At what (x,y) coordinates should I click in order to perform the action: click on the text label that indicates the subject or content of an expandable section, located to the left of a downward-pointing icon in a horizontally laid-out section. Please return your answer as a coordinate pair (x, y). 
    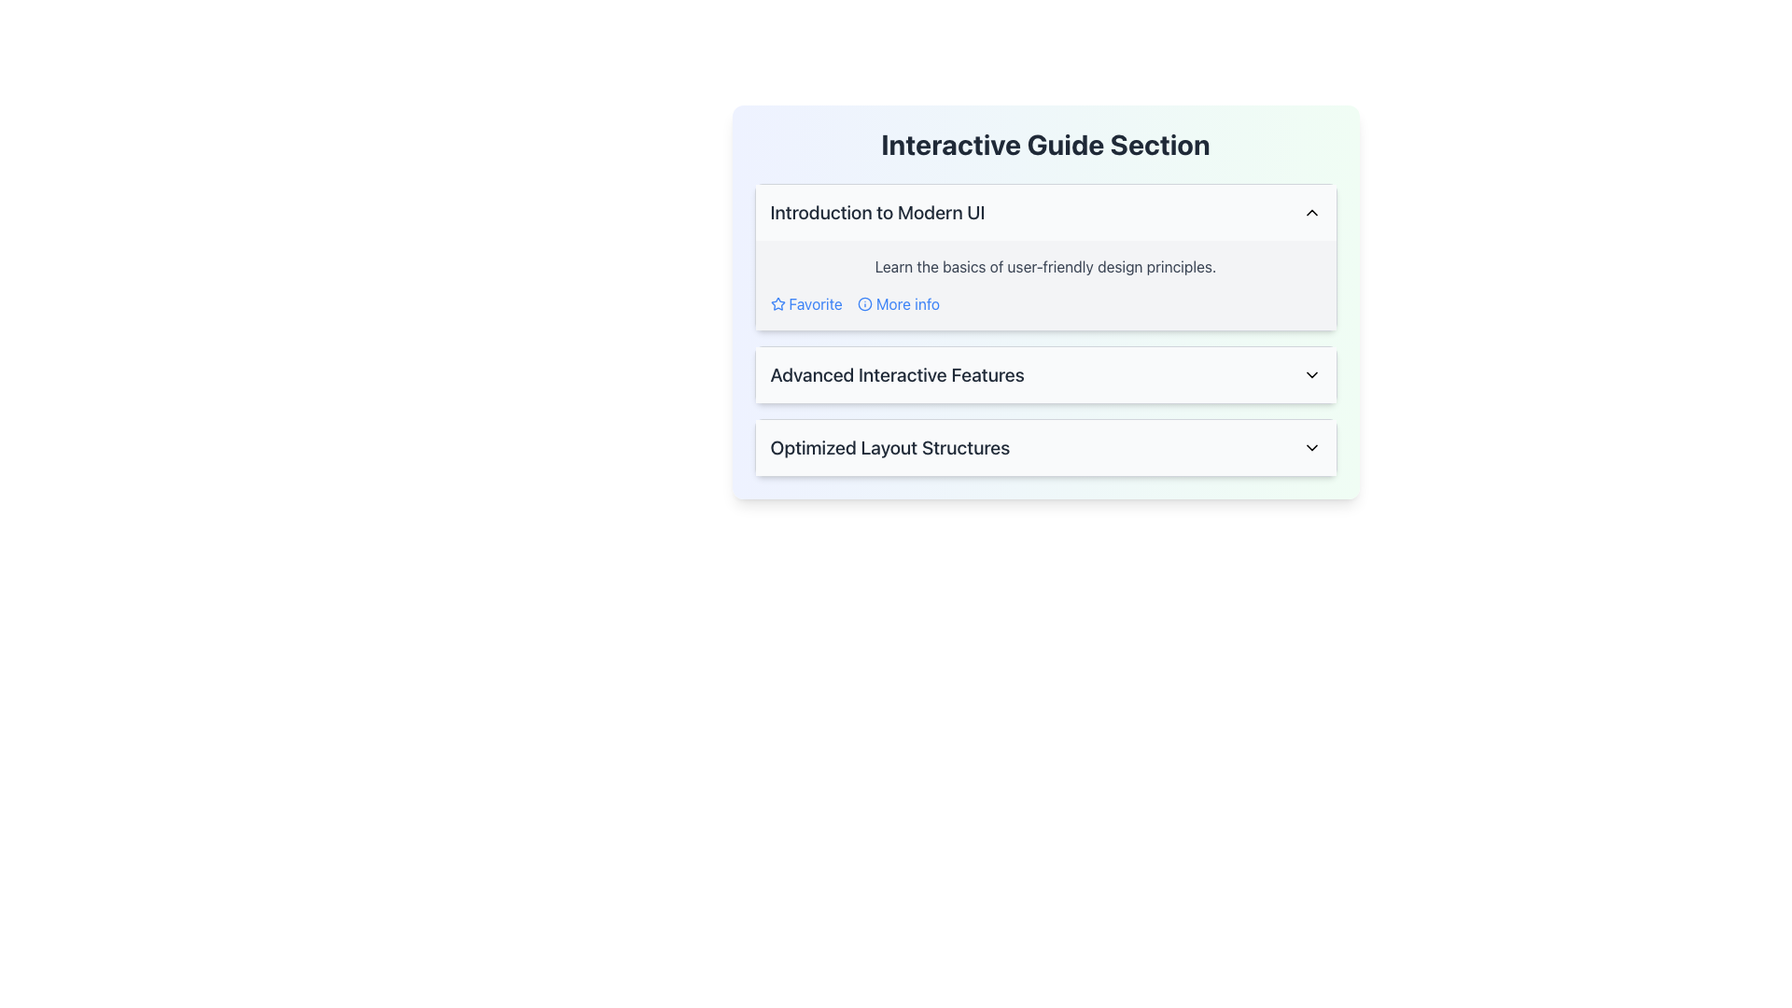
    Looking at the image, I should click on (897, 374).